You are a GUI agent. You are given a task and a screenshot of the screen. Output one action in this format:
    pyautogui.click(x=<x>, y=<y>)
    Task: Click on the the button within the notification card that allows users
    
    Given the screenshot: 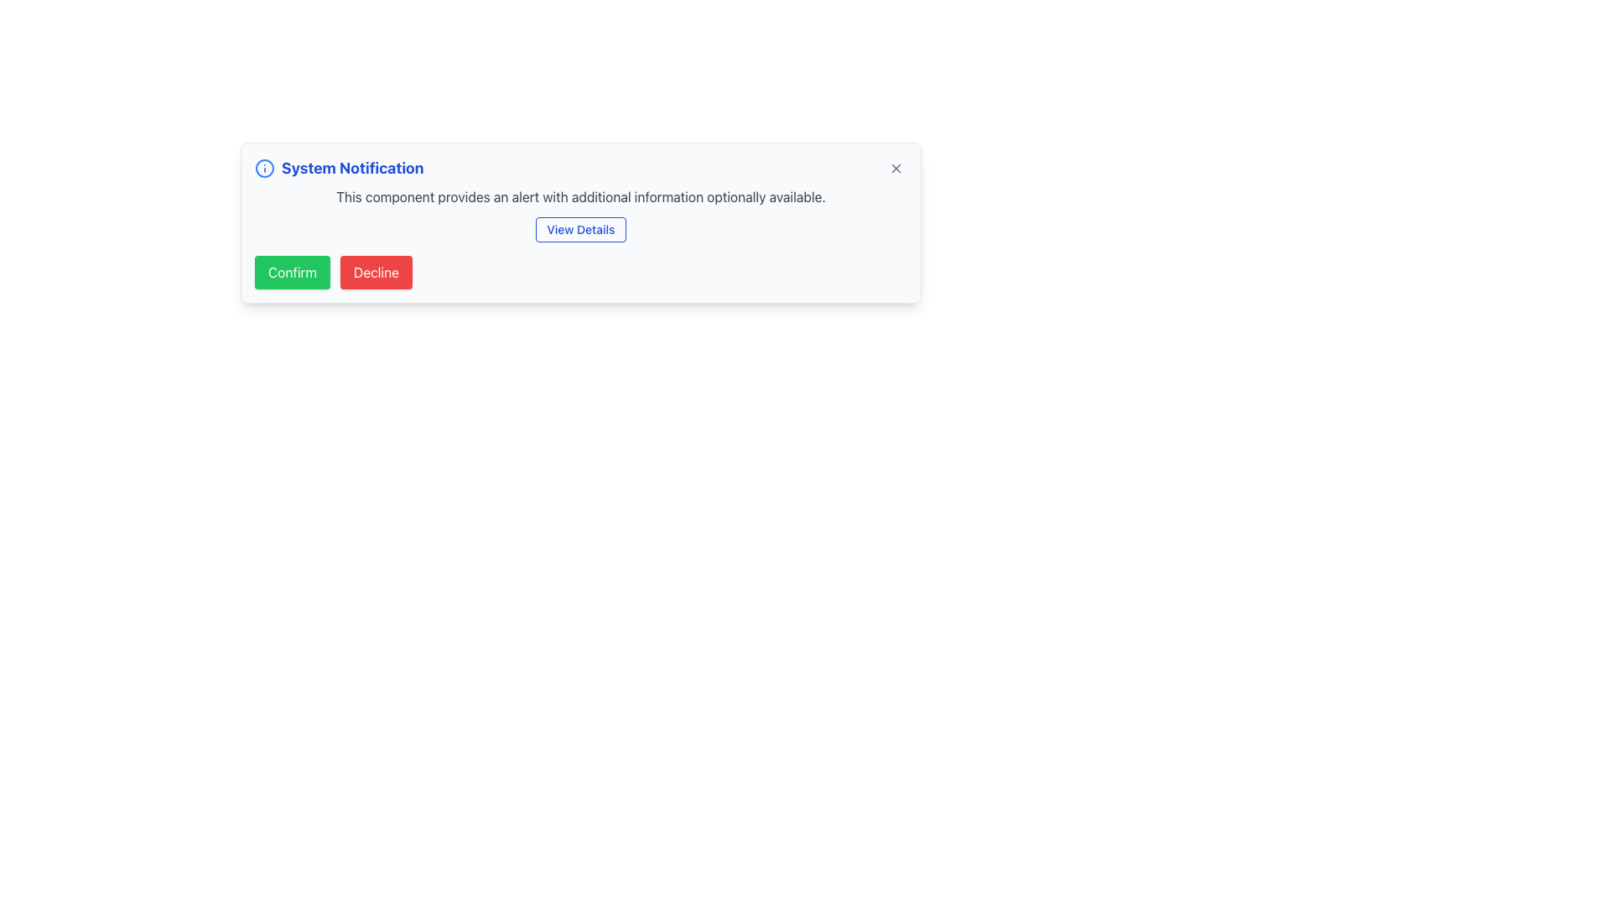 What is the action you would take?
    pyautogui.click(x=580, y=229)
    